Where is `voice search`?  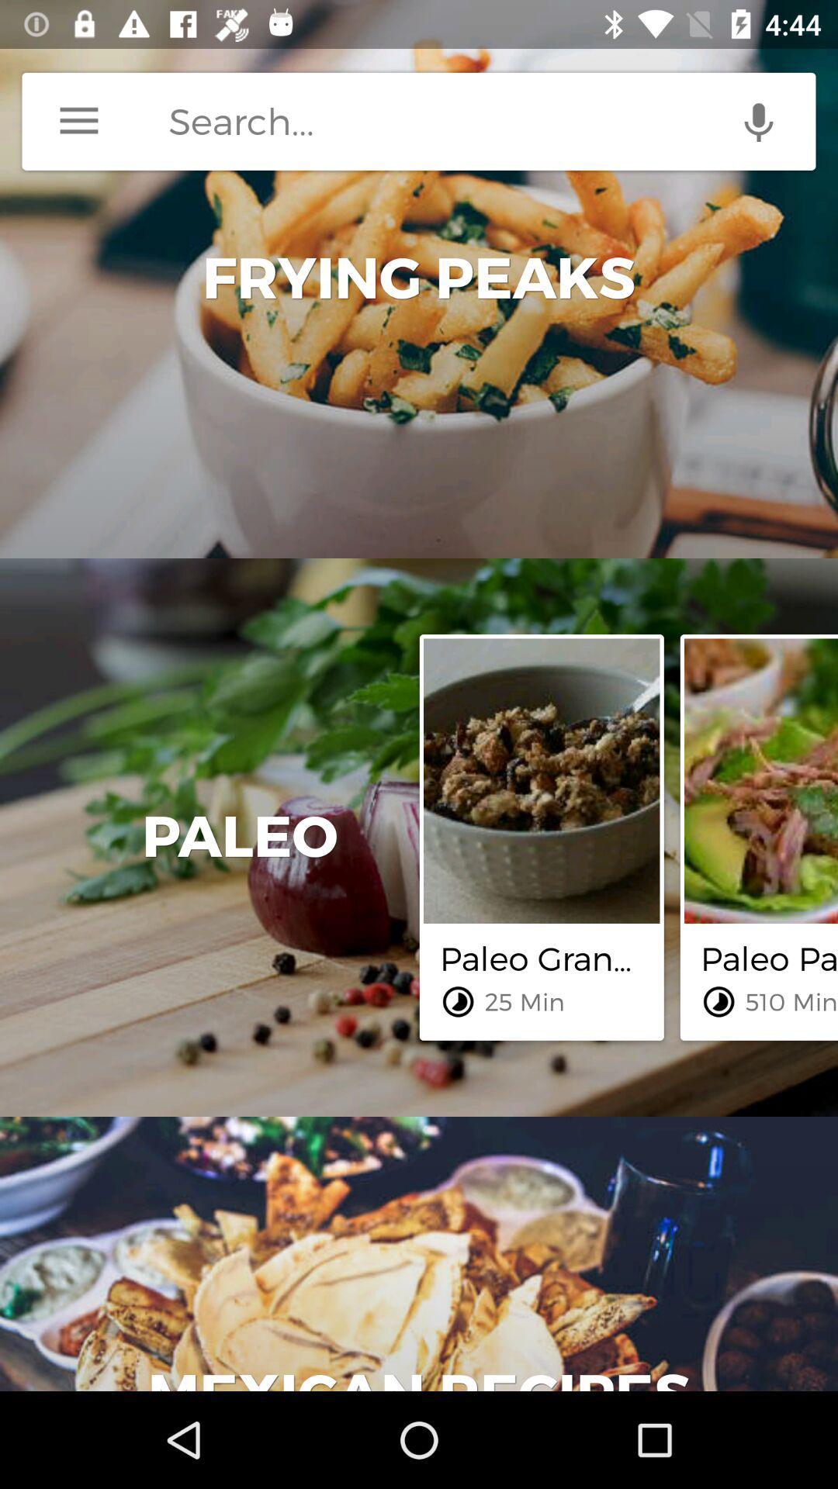
voice search is located at coordinates (758, 120).